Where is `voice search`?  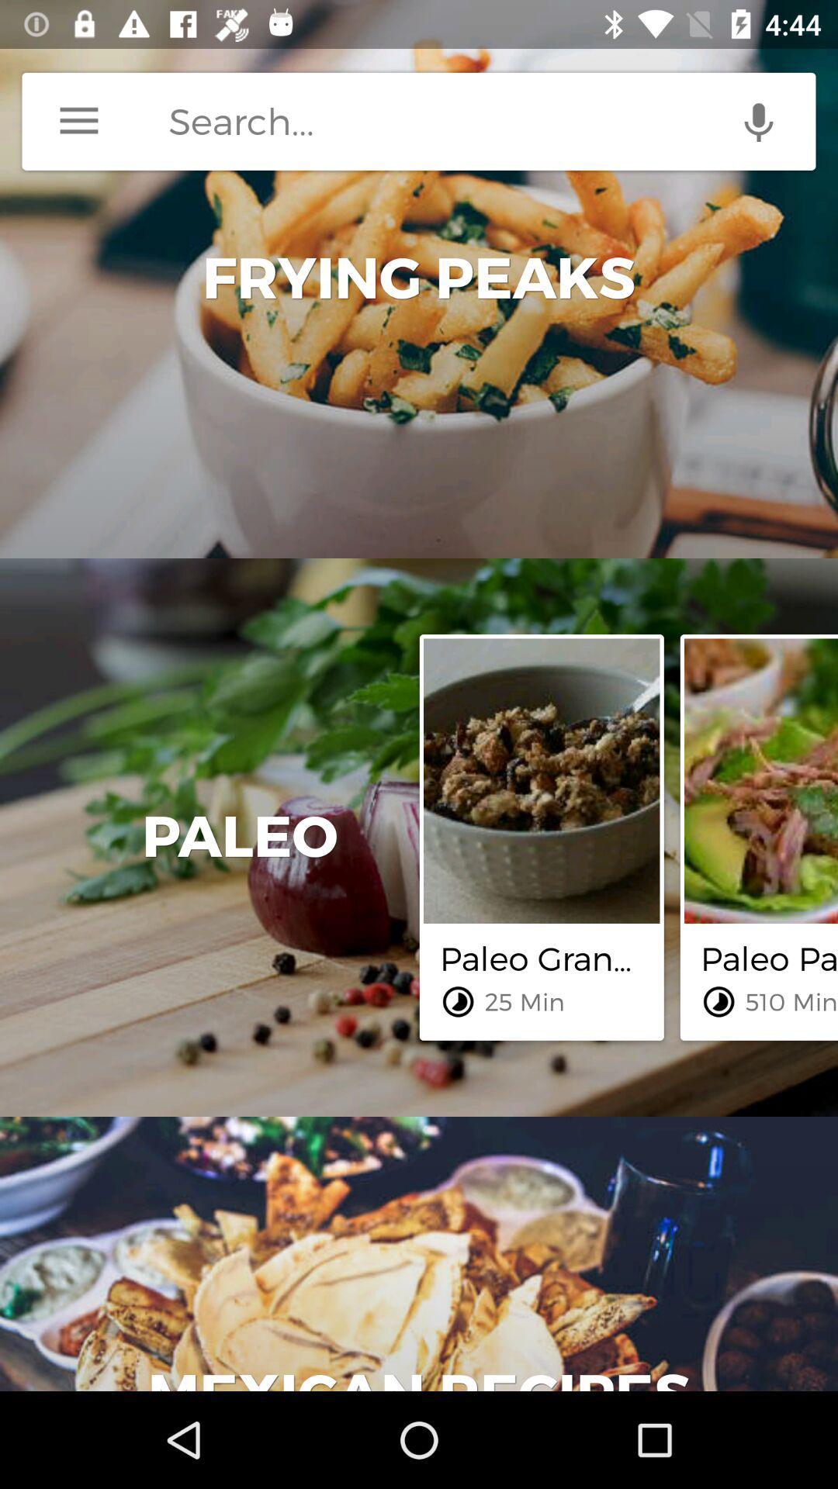
voice search is located at coordinates (758, 120).